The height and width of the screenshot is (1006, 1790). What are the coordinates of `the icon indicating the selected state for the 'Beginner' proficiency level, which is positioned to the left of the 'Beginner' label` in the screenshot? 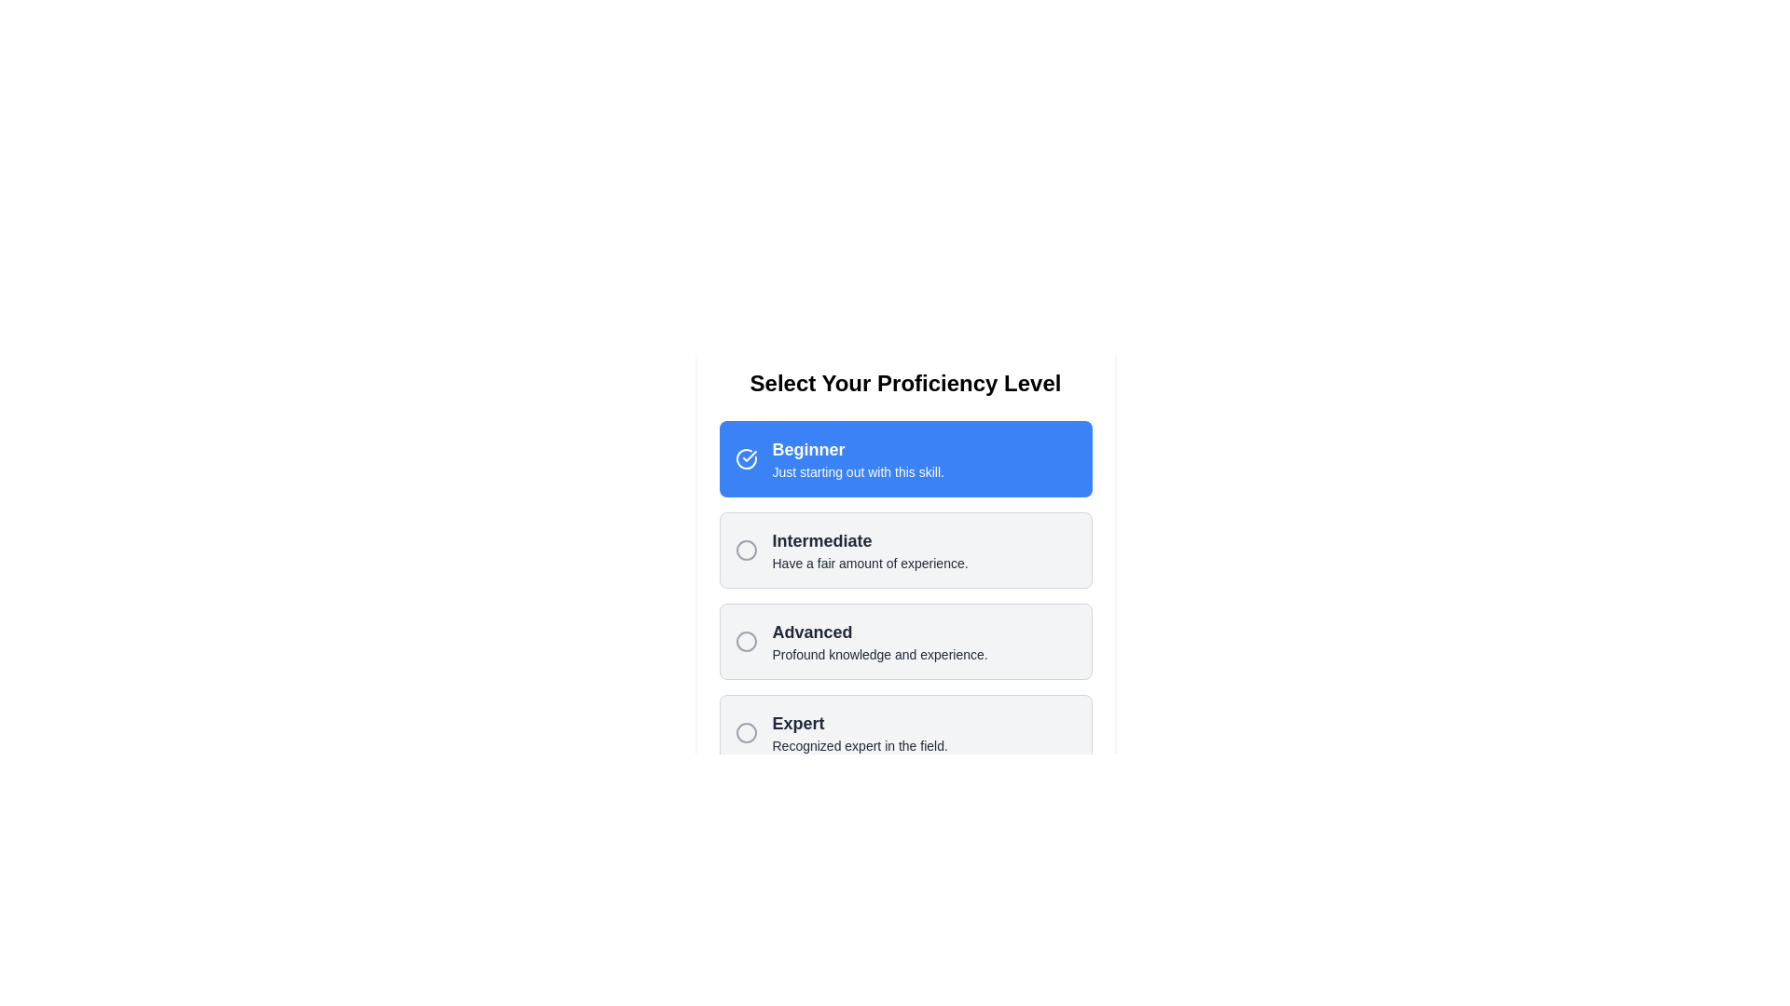 It's located at (746, 459).